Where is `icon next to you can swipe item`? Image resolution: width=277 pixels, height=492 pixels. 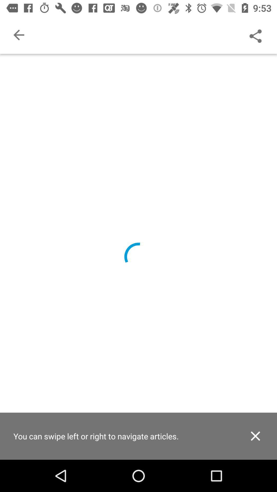 icon next to you can swipe item is located at coordinates (255, 436).